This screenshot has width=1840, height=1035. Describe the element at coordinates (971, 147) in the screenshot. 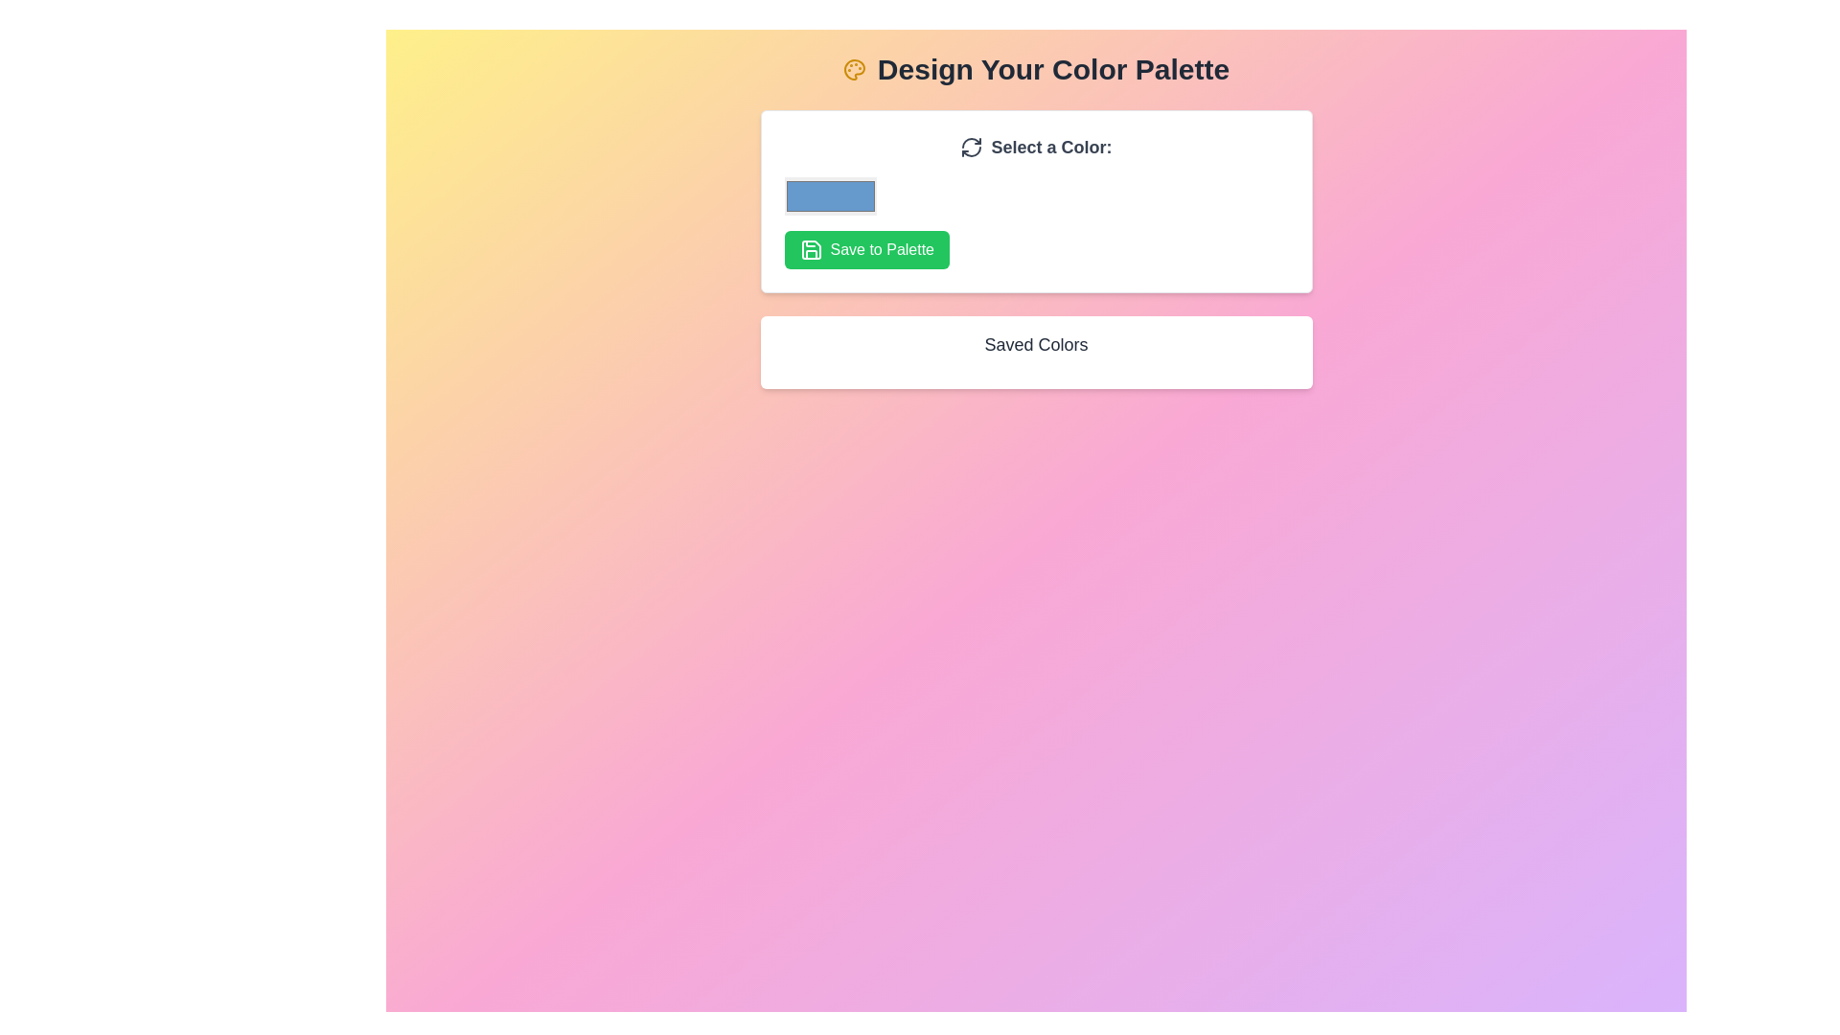

I see `the small circular refresh icon located immediately to the left of the 'Select a Color:' text in the 'Design Your Color Palette' section to reset the color selection` at that location.